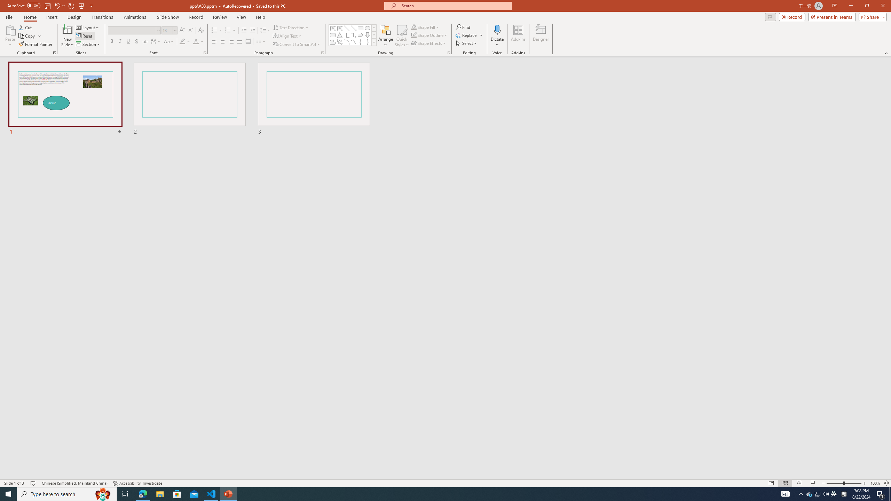  Describe the element at coordinates (414, 27) in the screenshot. I see `'Shape Fill Aqua, Accent 2'` at that location.